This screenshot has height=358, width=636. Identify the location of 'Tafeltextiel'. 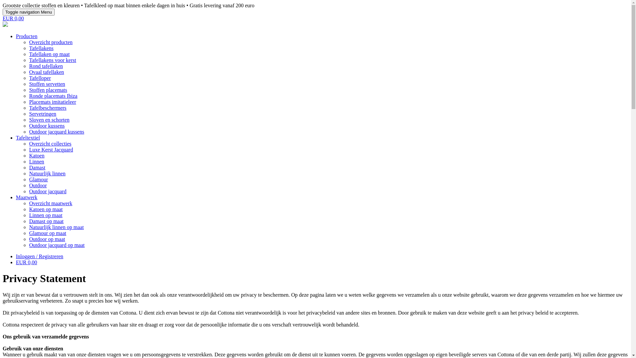
(27, 137).